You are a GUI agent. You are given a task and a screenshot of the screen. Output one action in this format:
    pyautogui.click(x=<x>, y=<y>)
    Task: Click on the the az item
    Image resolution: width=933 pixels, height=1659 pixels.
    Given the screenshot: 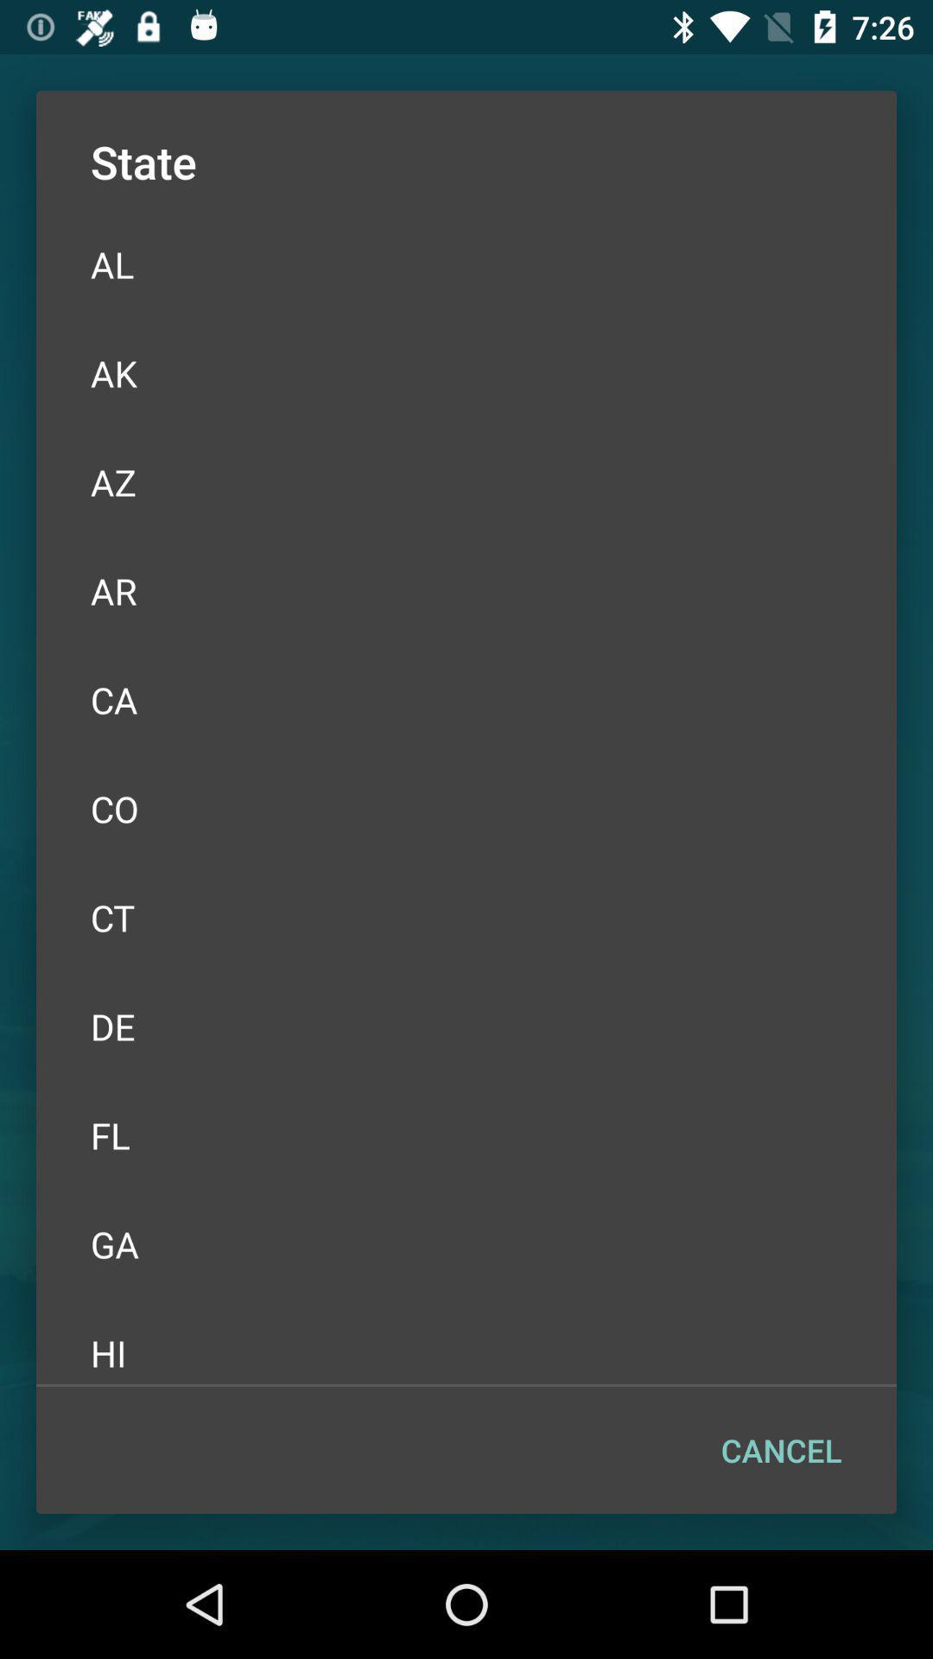 What is the action you would take?
    pyautogui.click(x=466, y=481)
    